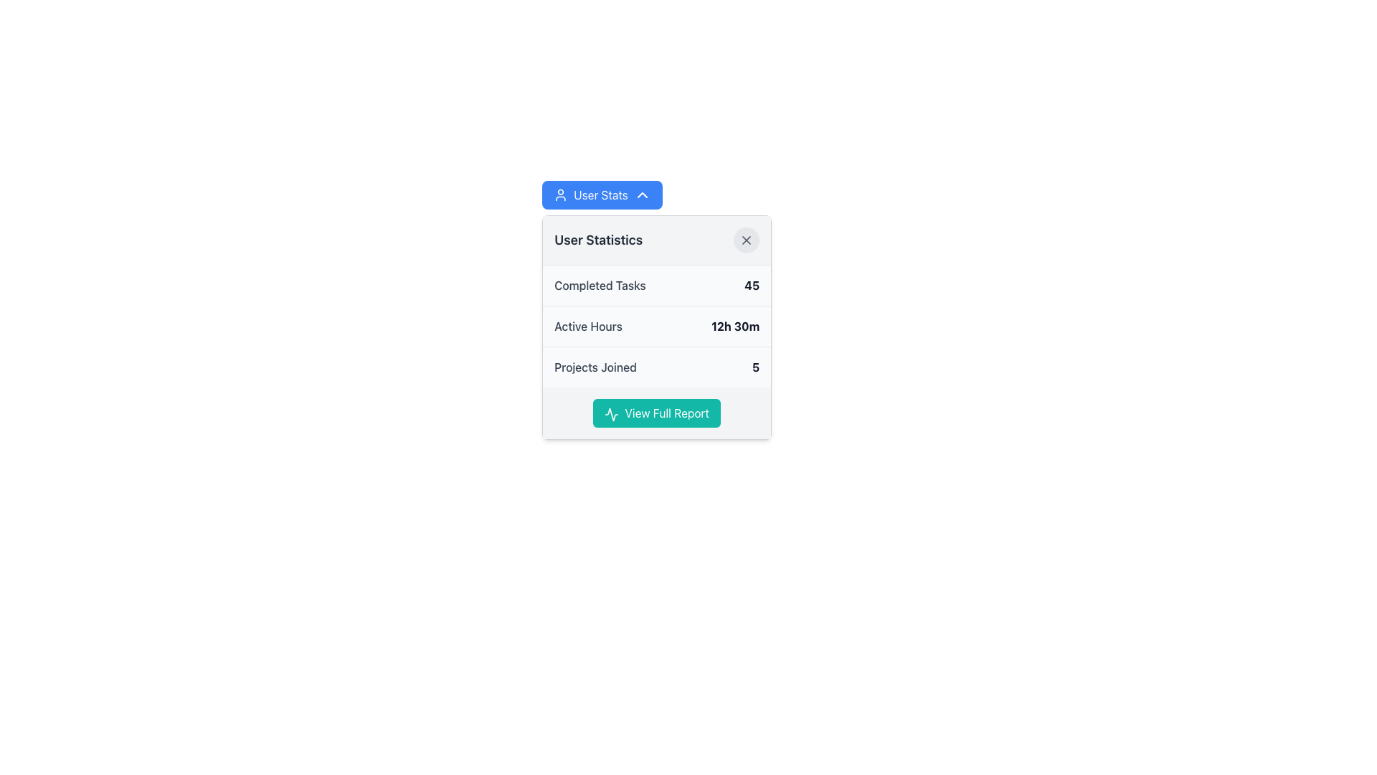  Describe the element at coordinates (735, 327) in the screenshot. I see `the static text element displaying the time duration, which is located to the right of the 'Active Hours' text within the statistics card interface` at that location.